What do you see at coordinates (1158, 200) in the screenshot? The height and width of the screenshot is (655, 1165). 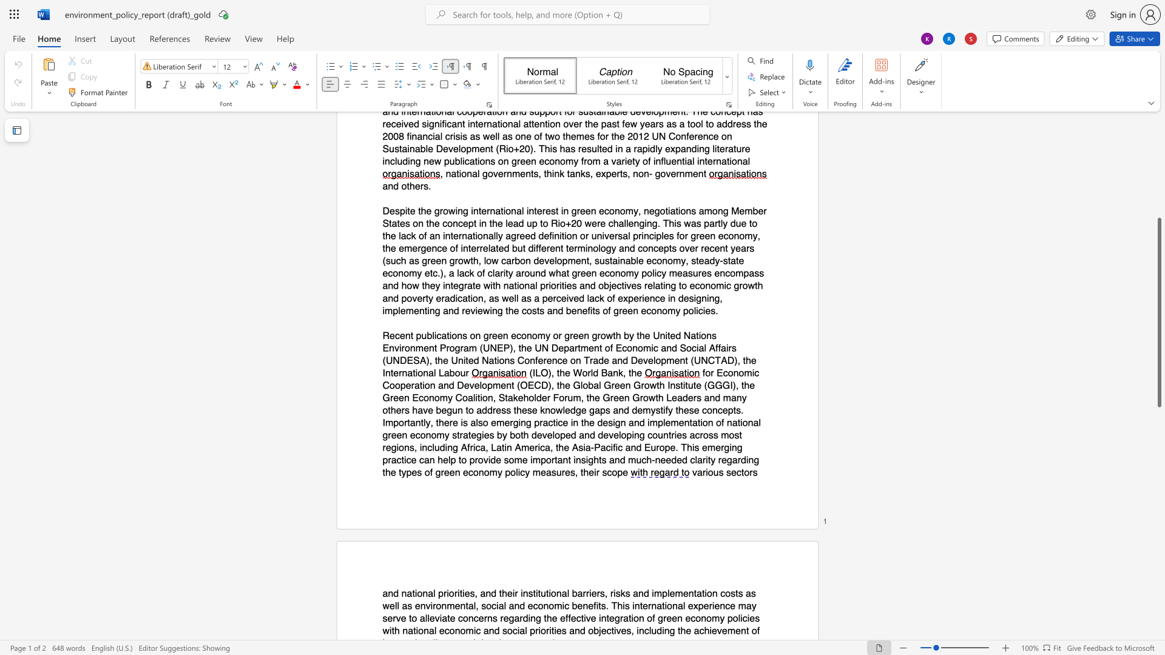 I see `the side scrollbar to bring the page up` at bounding box center [1158, 200].